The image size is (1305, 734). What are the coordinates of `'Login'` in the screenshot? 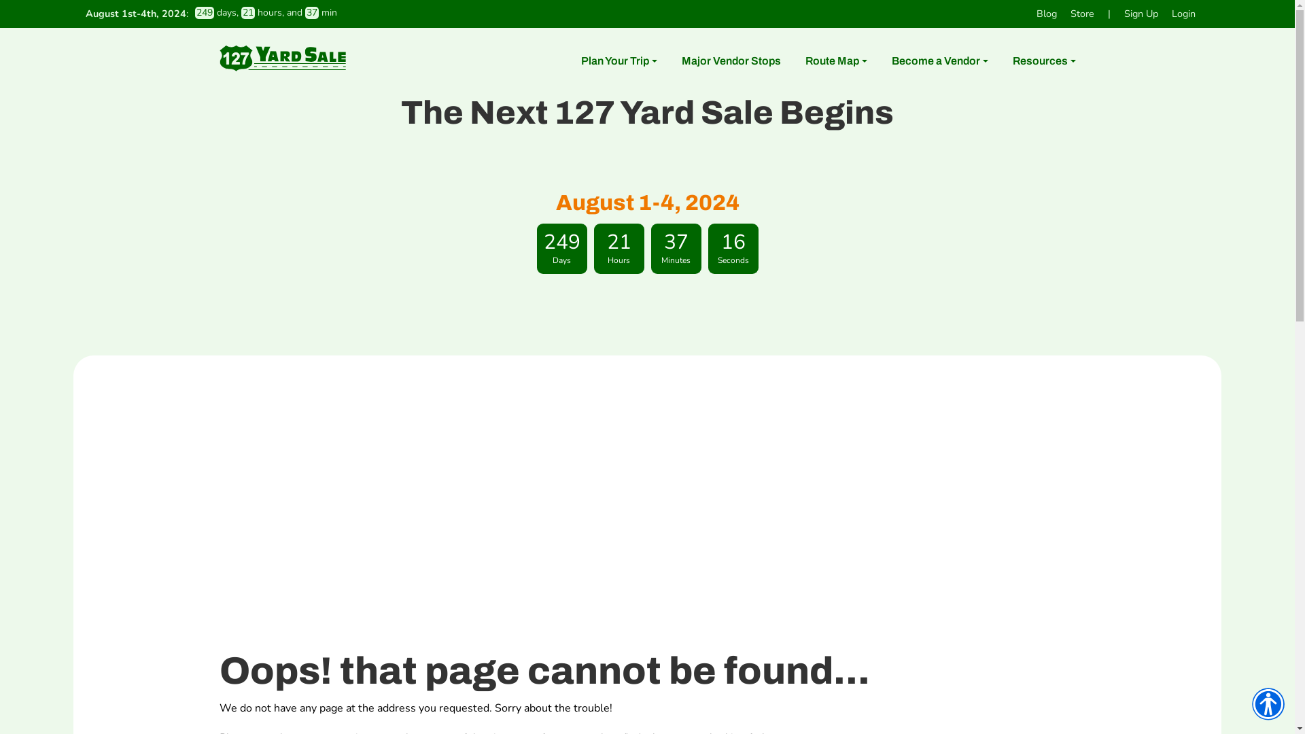 It's located at (1183, 14).